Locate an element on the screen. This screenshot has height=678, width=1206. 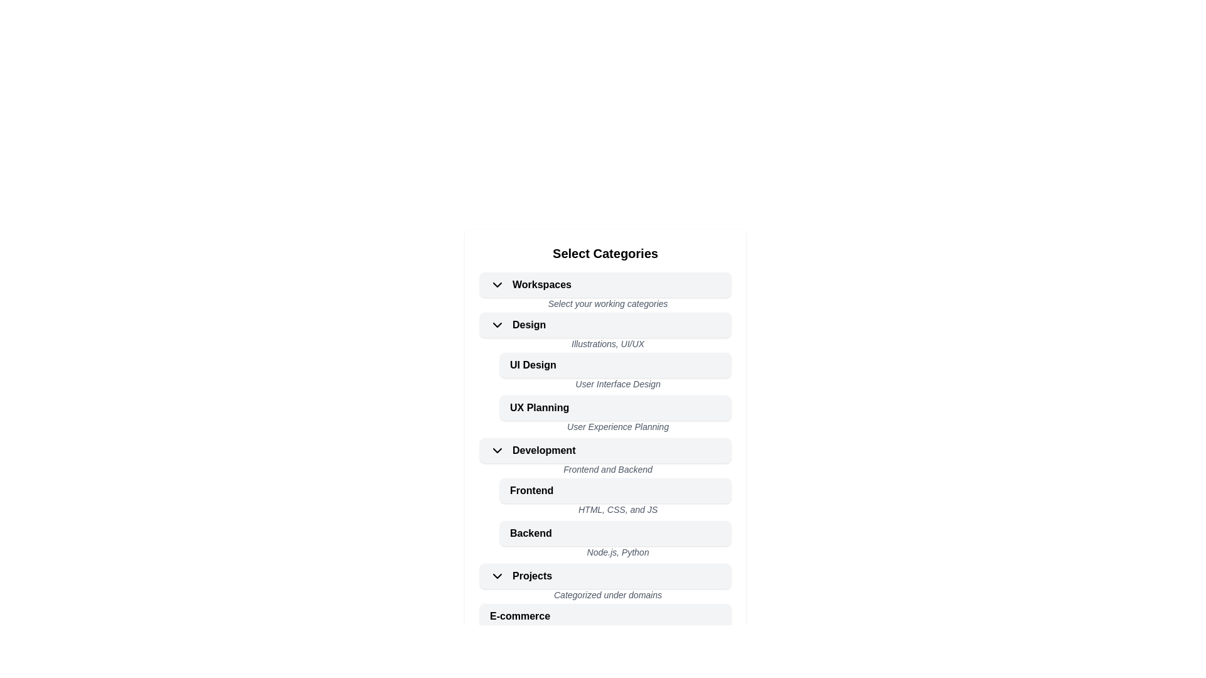
the downward-pointing chevron icon located to the left of the 'Development' text is located at coordinates (500, 449).